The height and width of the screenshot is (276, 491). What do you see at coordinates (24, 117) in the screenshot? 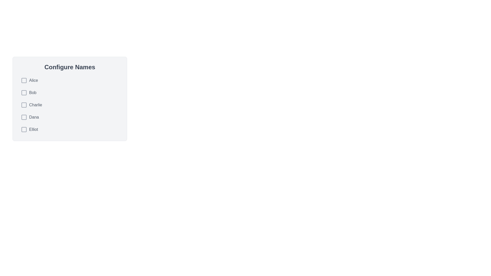
I see `the minimalistic gray outline checkbox located to the left of the 'Dana' text label` at bounding box center [24, 117].